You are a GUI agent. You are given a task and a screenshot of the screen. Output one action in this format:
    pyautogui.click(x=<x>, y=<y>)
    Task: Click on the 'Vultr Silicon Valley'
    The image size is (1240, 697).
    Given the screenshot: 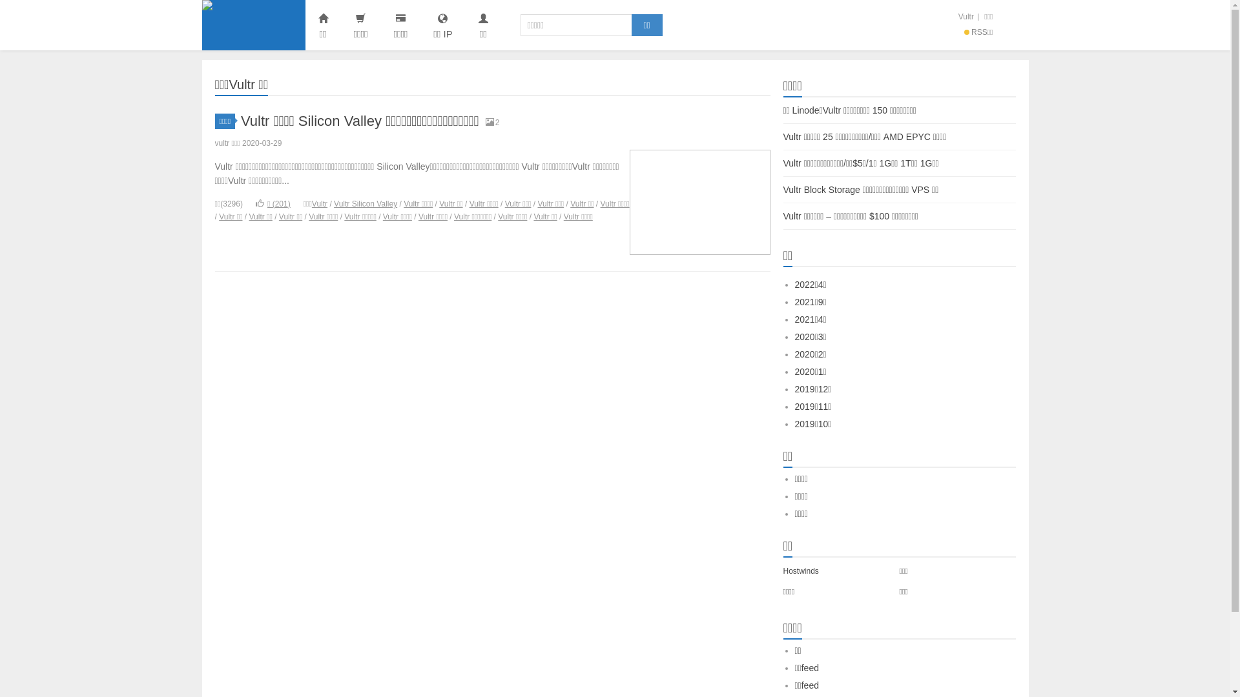 What is the action you would take?
    pyautogui.click(x=365, y=203)
    